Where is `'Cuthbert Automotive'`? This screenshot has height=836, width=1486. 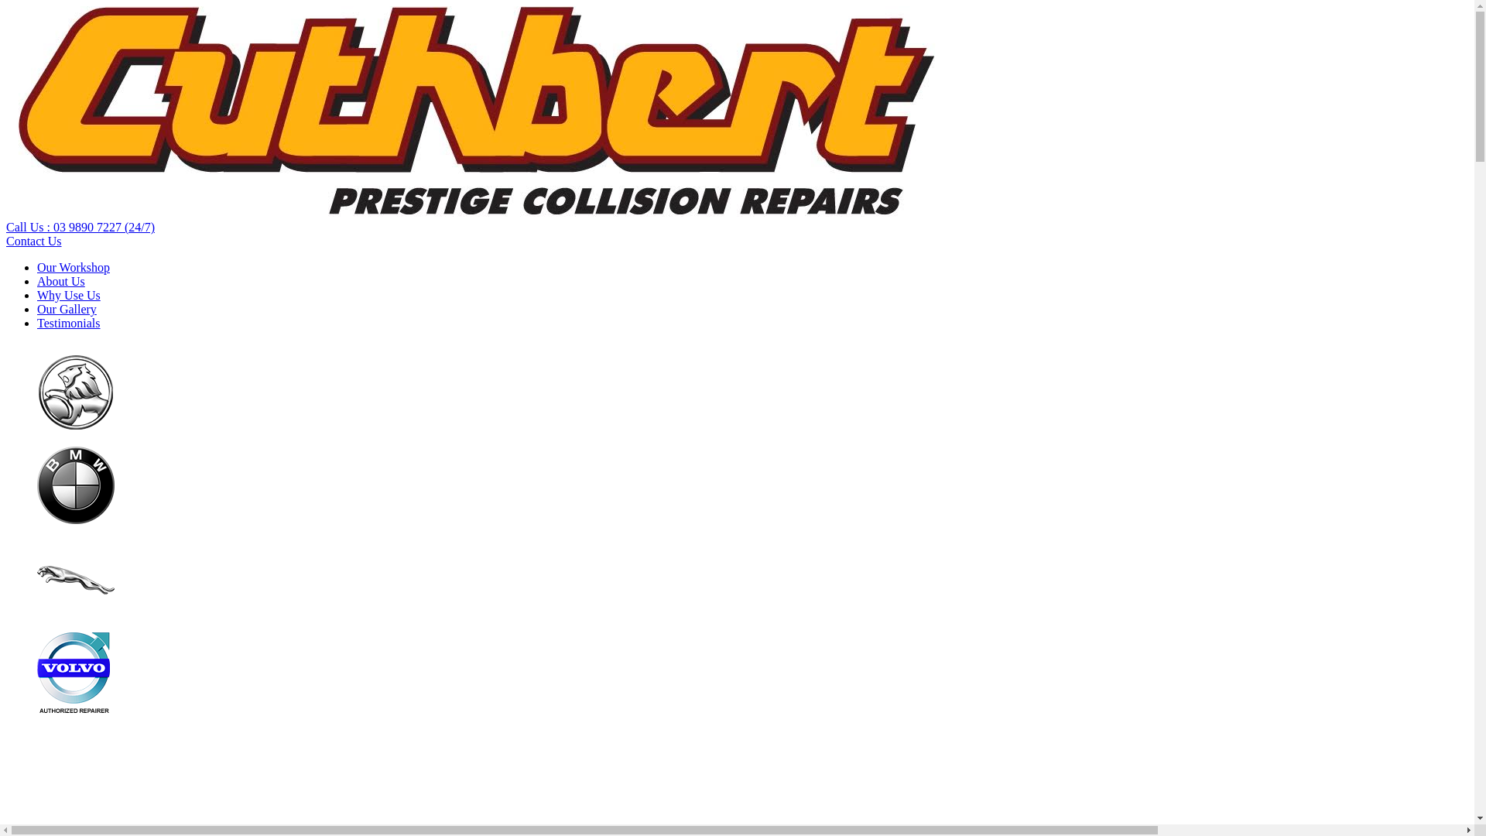 'Cuthbert Automotive' is located at coordinates (471, 213).